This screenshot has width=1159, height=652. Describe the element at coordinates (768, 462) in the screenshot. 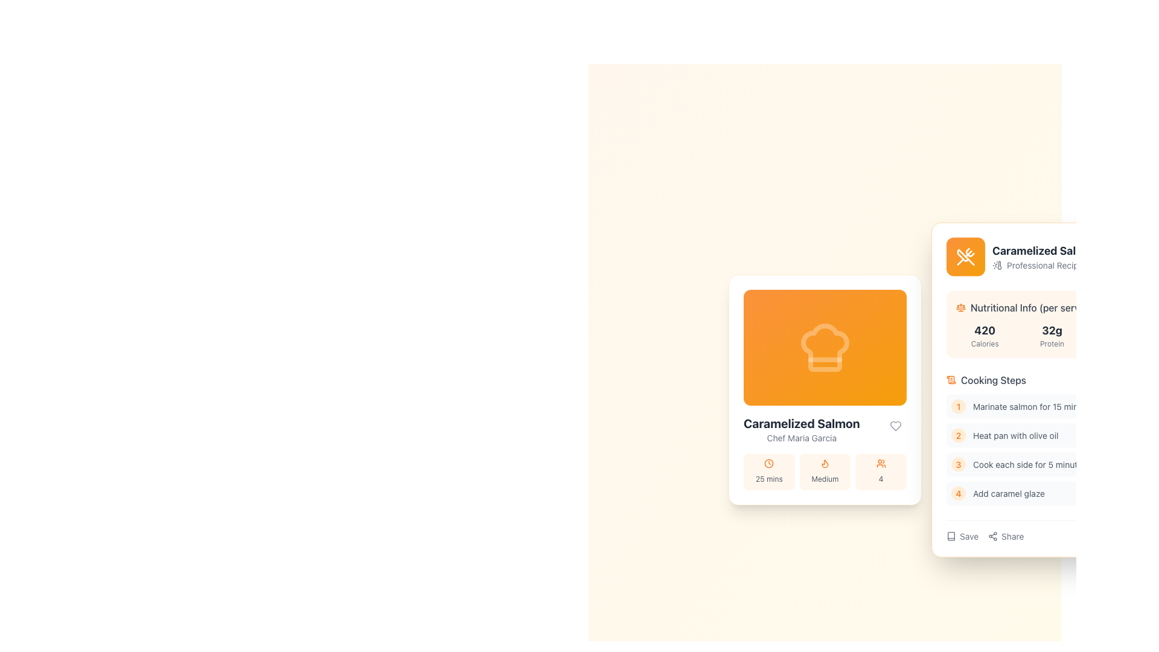

I see `the decorative circular graphic in the clock-themed icon located on the left side of the detailed panel for the 'Caramelized Salmon' recipe` at that location.